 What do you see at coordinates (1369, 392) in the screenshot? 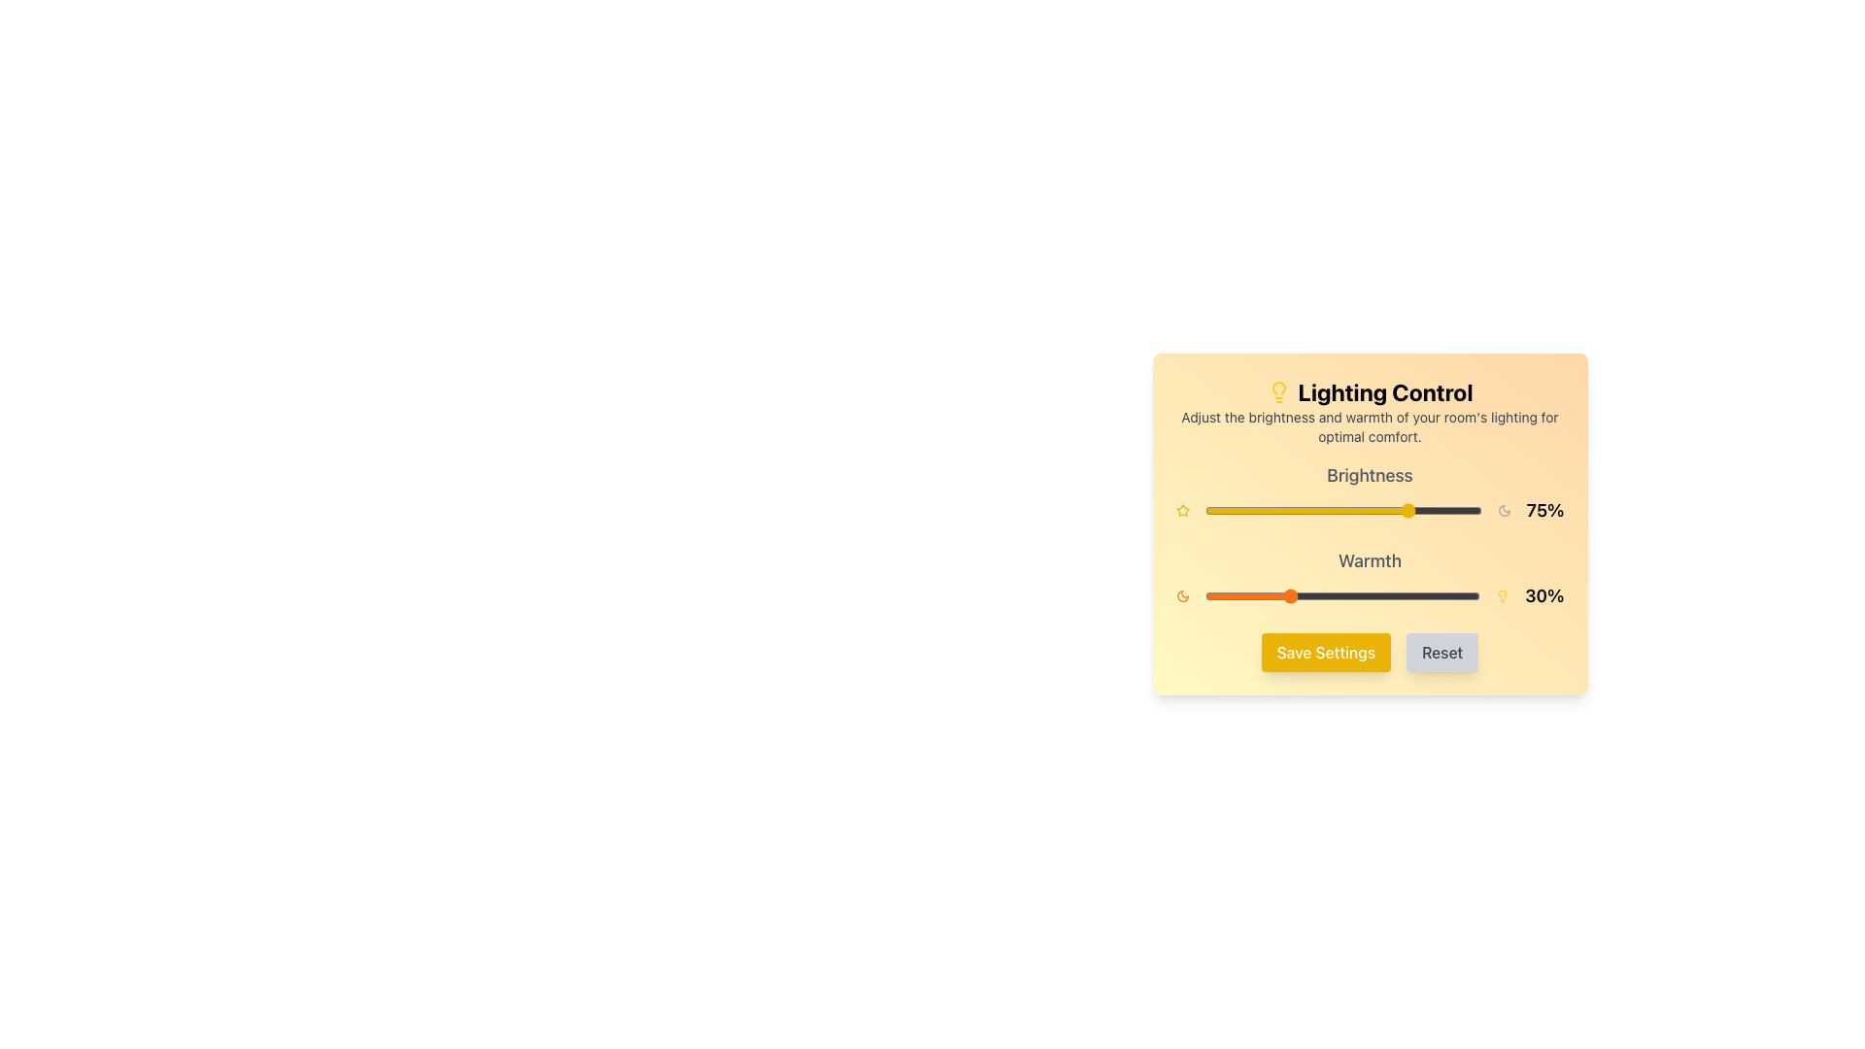
I see `text from the Text Header located in the center-right of the page, which serves as the title for the user interface card` at bounding box center [1369, 392].